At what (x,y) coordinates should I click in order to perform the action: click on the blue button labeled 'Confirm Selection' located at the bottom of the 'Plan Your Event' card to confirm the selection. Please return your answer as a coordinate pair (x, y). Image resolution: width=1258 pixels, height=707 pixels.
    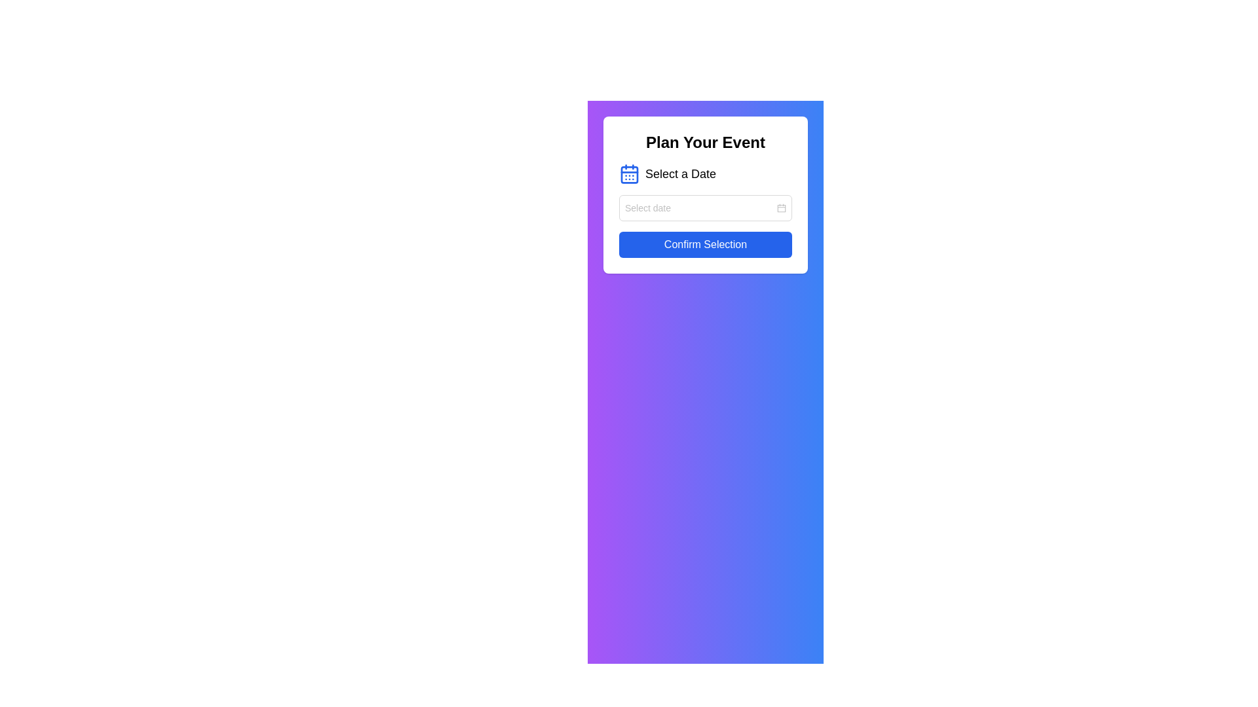
    Looking at the image, I should click on (704, 245).